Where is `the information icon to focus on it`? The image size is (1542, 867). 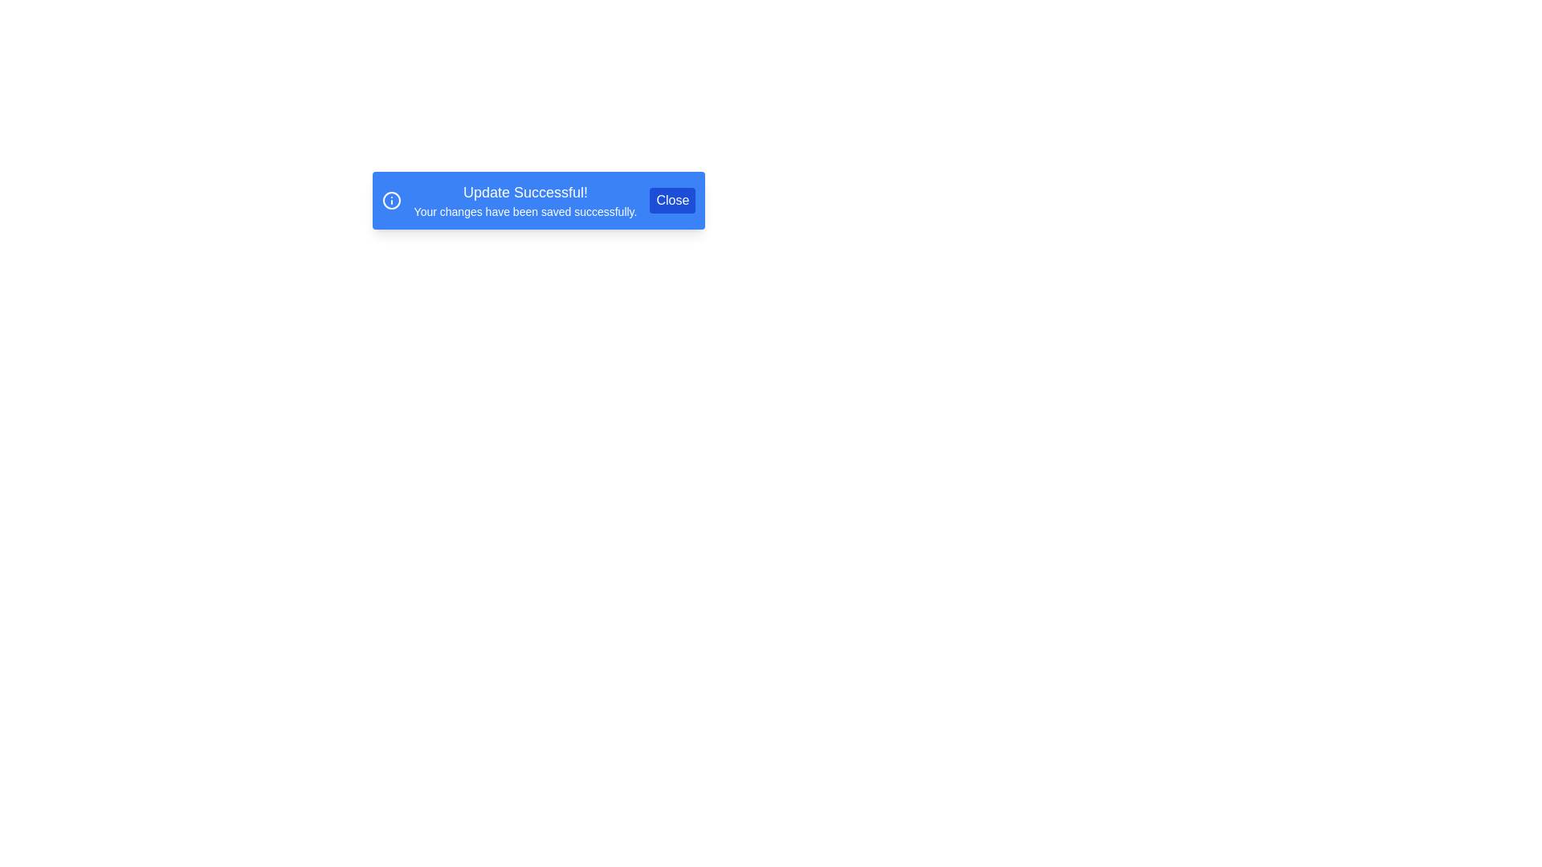 the information icon to focus on it is located at coordinates (391, 200).